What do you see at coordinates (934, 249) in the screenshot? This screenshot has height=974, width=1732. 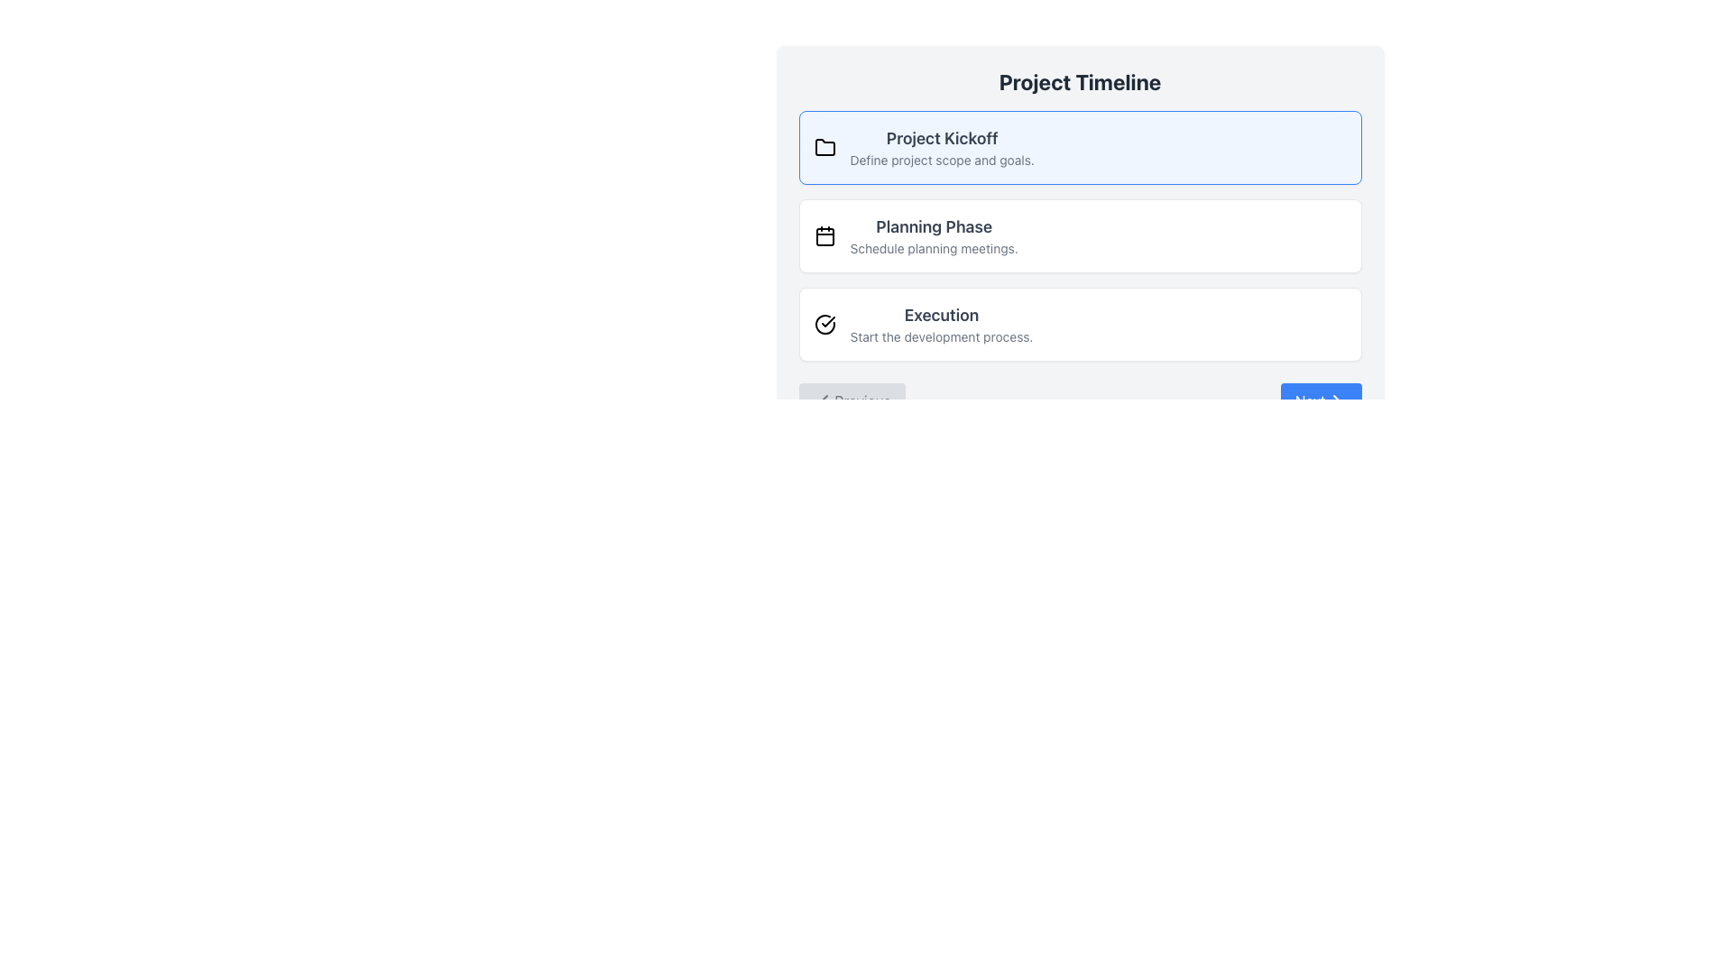 I see `informative text label located beneath the 'Planning Phase' heading, which provides context to the user` at bounding box center [934, 249].